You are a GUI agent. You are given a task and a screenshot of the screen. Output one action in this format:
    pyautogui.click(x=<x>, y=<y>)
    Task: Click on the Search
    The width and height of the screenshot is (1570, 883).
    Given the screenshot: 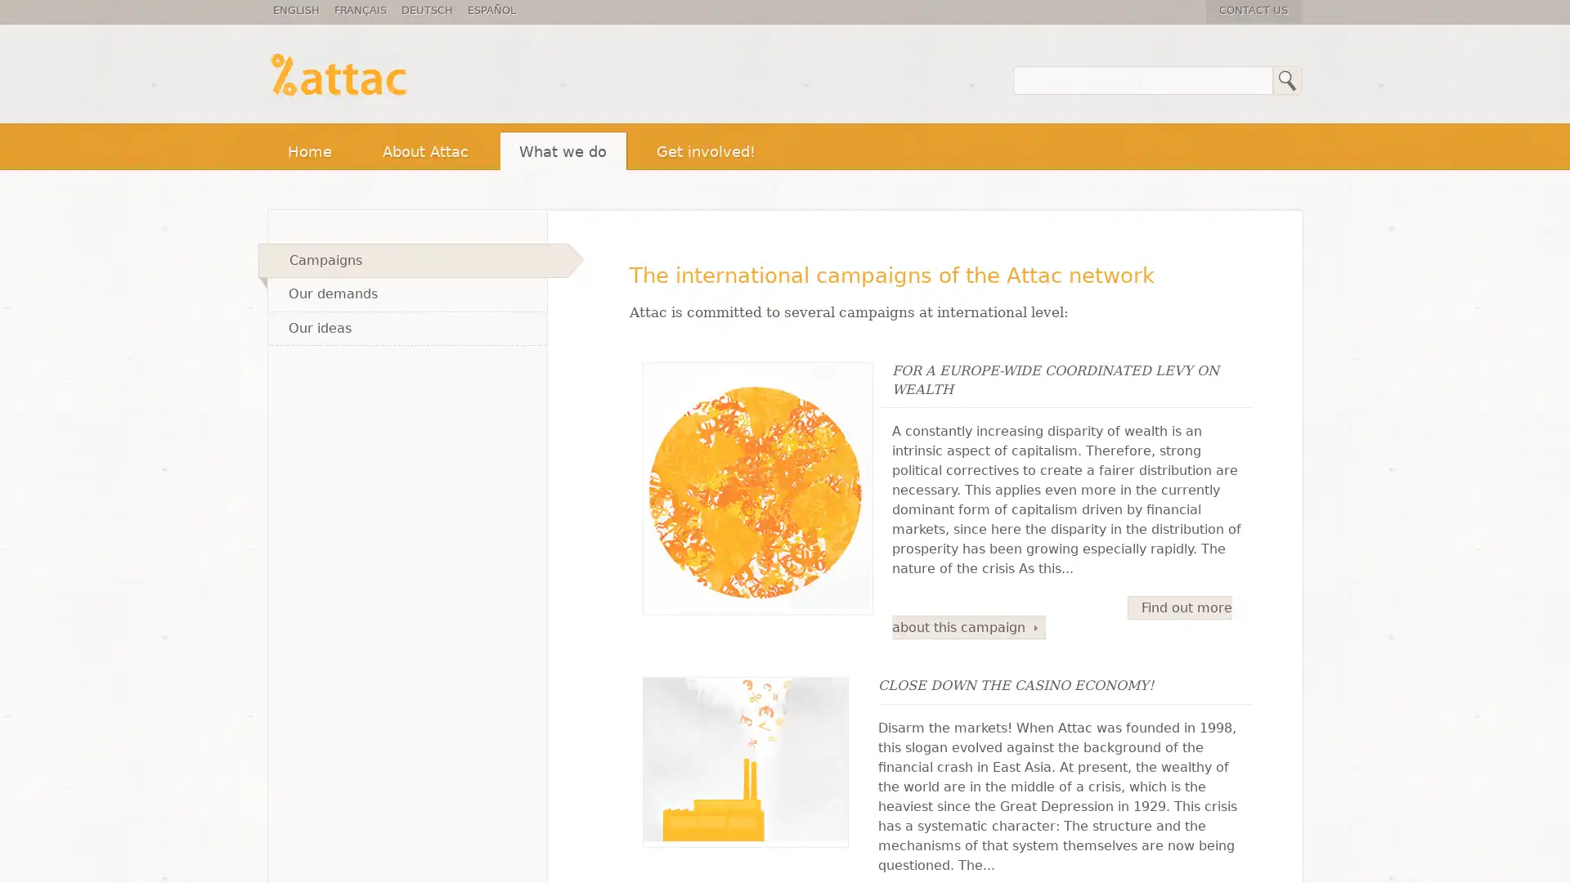 What is the action you would take?
    pyautogui.click(x=1286, y=80)
    